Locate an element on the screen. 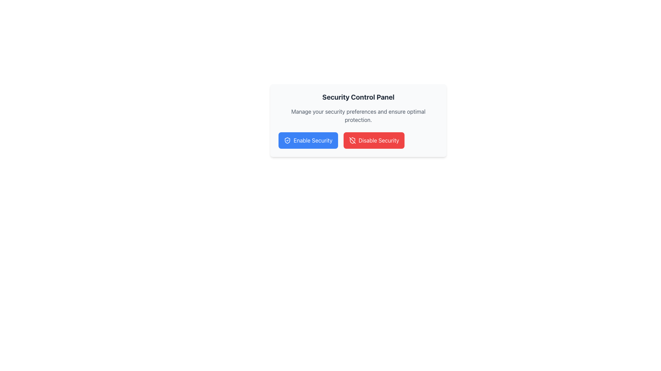 This screenshot has width=661, height=371. the button that disables the security functionality, located to the right of the 'Enable Security' button is located at coordinates (374, 140).